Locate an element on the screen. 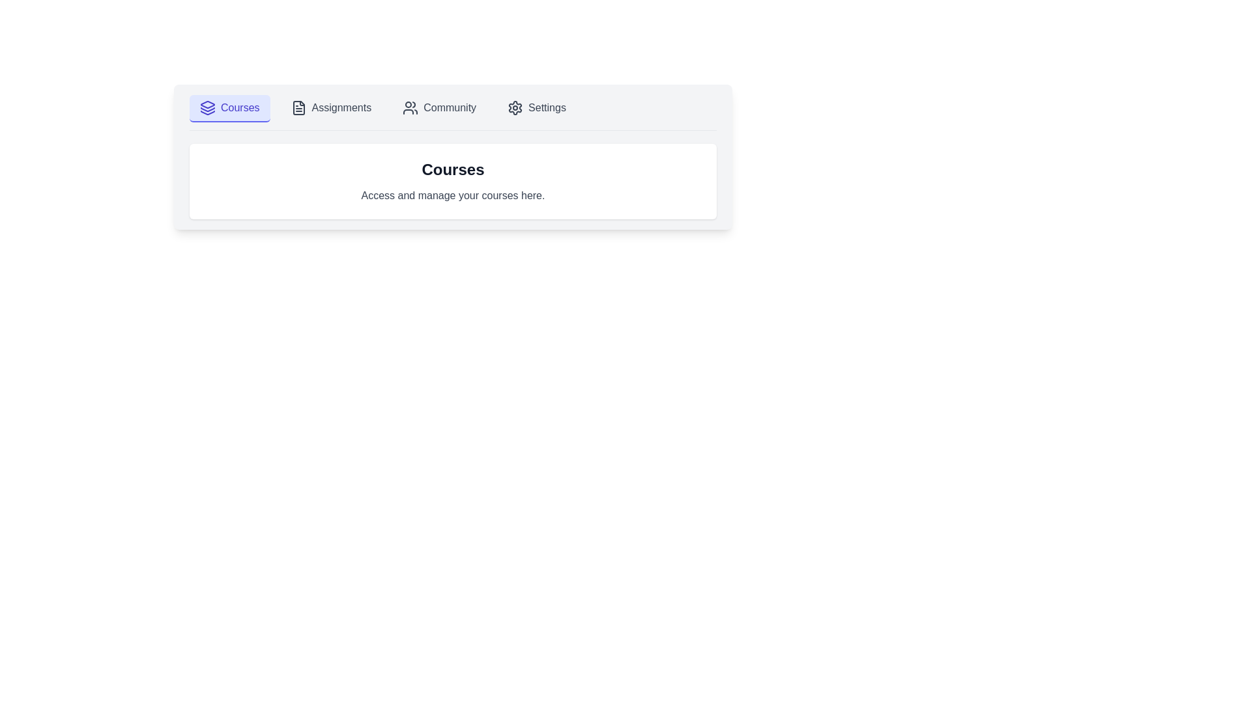  the 'Assignments' text label in the navigation bar to trigger a visual change is located at coordinates (341, 107).